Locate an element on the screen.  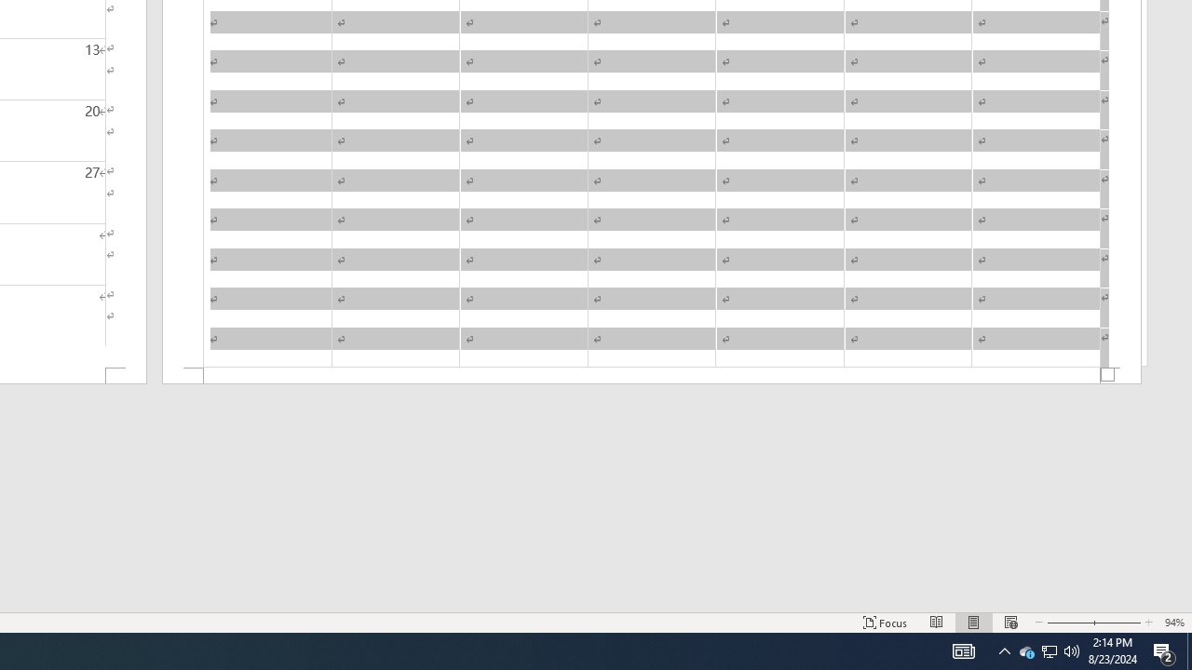
'Print Layout' is located at coordinates (973, 623).